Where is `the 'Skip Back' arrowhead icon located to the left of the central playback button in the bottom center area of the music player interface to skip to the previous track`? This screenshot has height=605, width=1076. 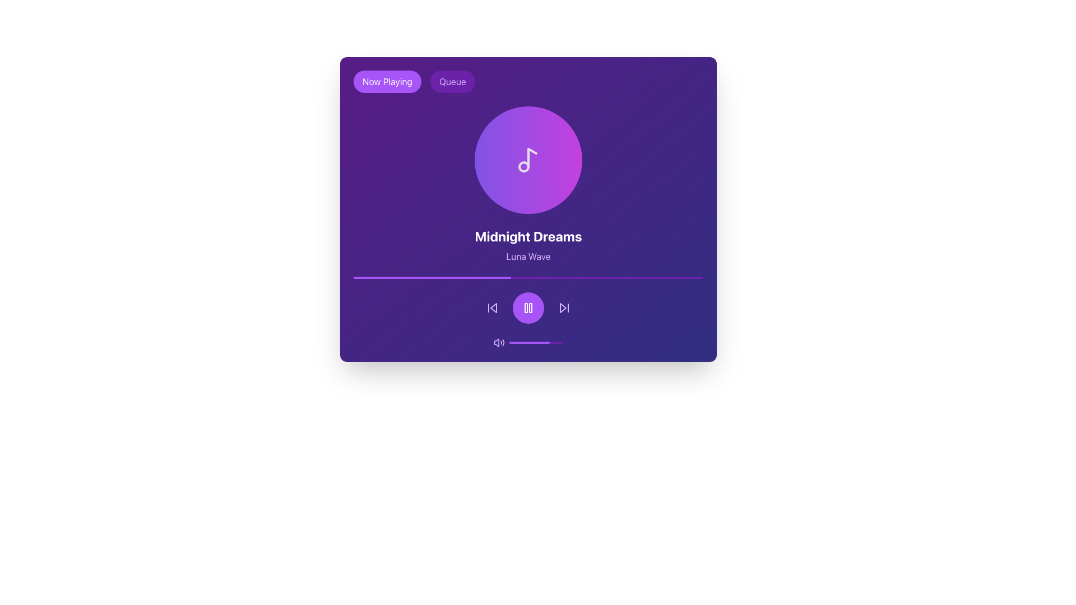
the 'Skip Back' arrowhead icon located to the left of the central playback button in the bottom center area of the music player interface to skip to the previous track is located at coordinates (493, 308).